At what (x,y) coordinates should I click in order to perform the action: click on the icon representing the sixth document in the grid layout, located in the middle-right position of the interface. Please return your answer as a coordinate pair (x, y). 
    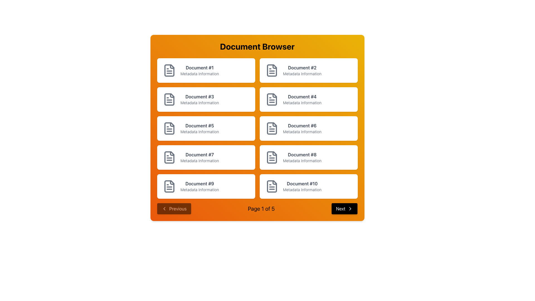
    Looking at the image, I should click on (272, 128).